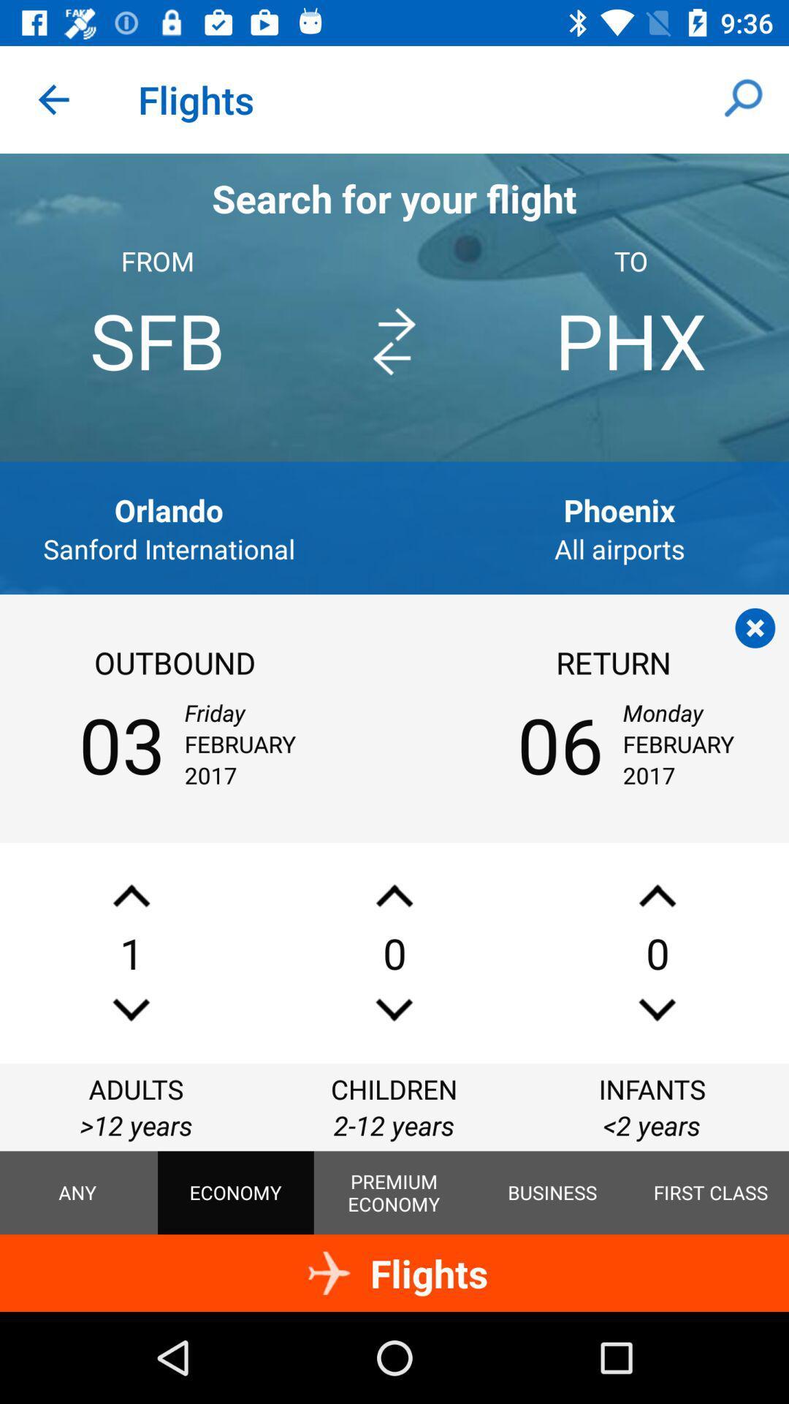  Describe the element at coordinates (131, 895) in the screenshot. I see `the font icon` at that location.